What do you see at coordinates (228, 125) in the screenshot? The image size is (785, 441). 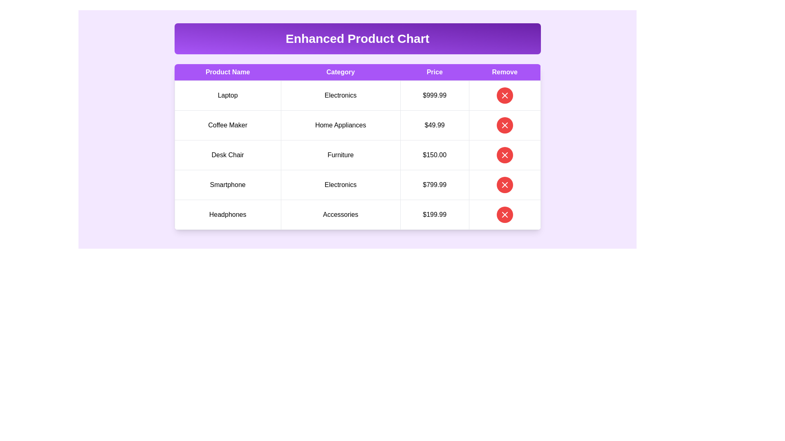 I see `text displayed in the 'Coffee Maker' label located in the second row of the table under the 'Product Name' column` at bounding box center [228, 125].